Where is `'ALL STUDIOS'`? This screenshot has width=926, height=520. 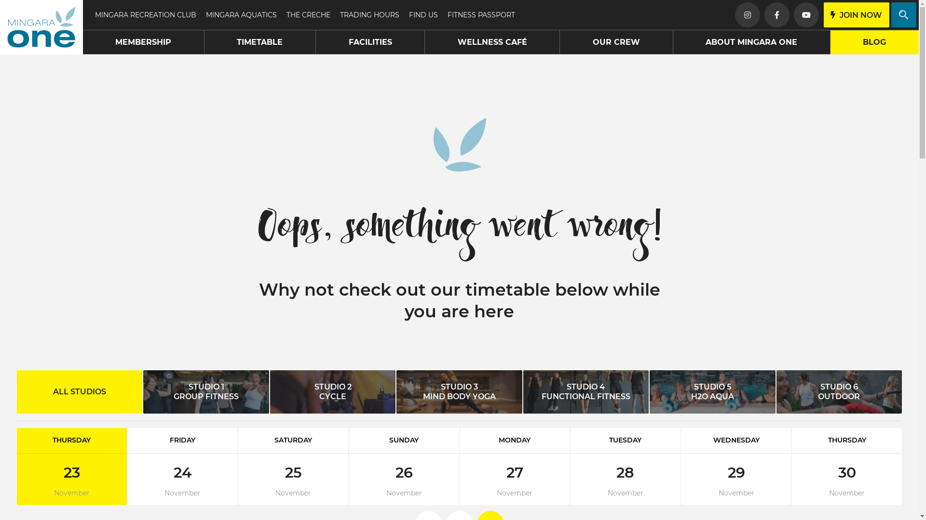 'ALL STUDIOS' is located at coordinates (16, 391).